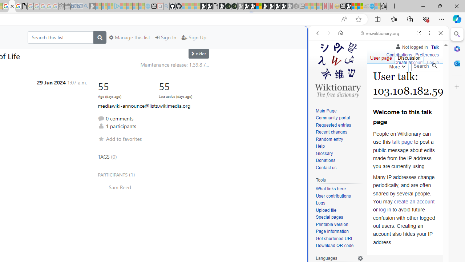  I want to click on 'Contributions', so click(399, 53).